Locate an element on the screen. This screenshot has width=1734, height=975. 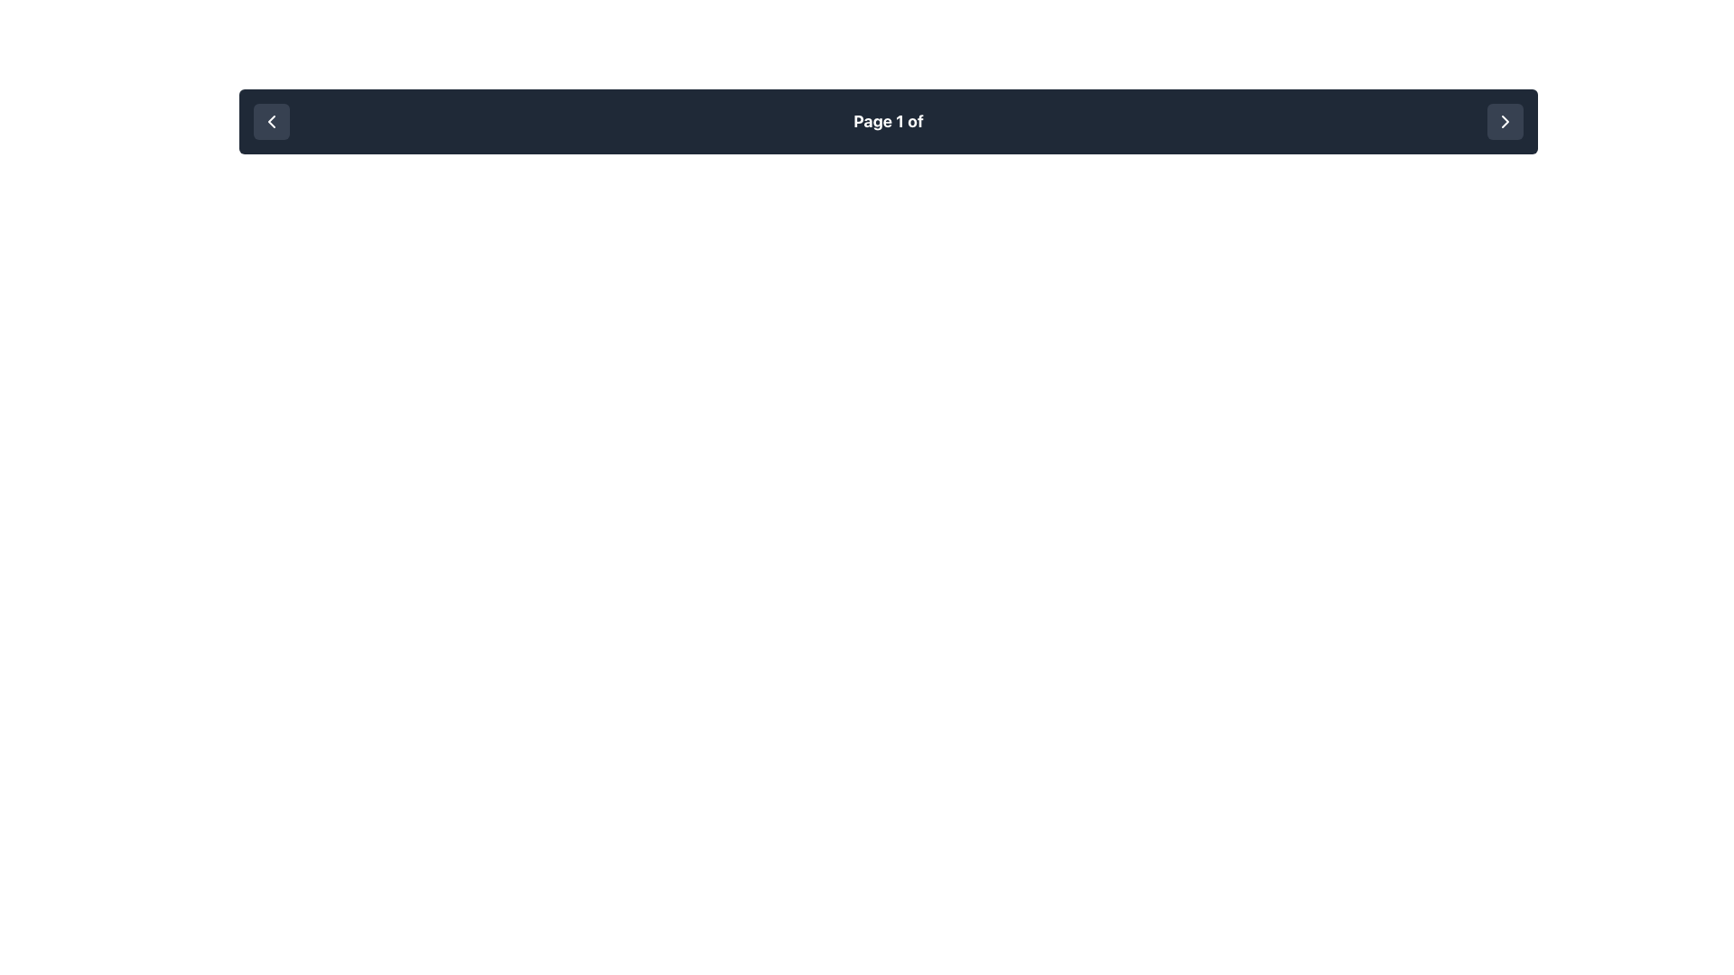
the main text label displaying the current page number and total pages in the navigation bar, which is centered horizontally between two arrow buttons is located at coordinates (888, 122).